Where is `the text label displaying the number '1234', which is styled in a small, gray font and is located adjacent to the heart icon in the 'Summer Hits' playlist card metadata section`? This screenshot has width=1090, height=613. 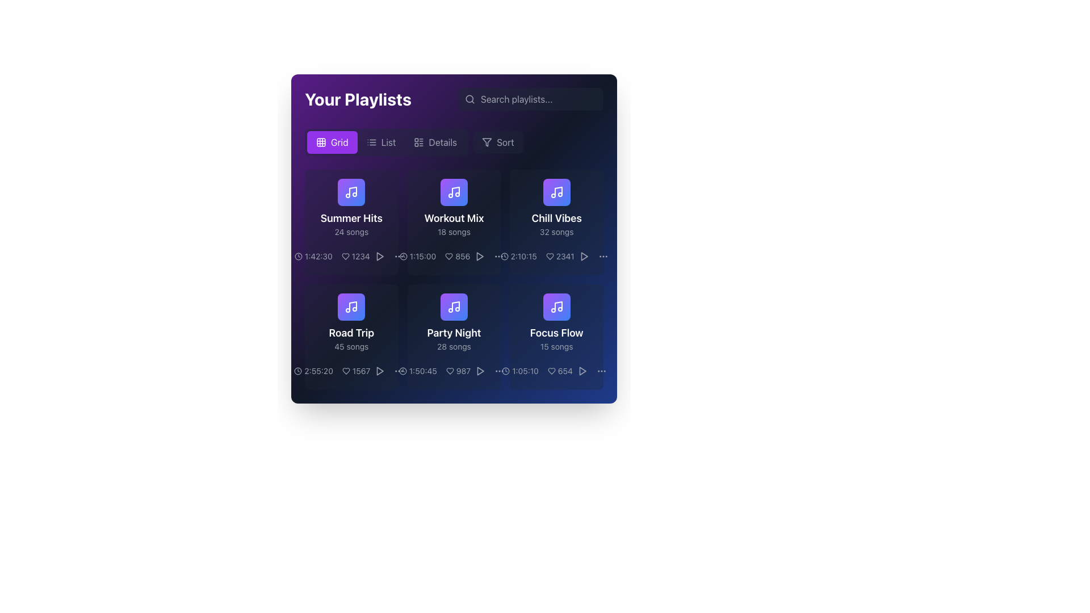
the text label displaying the number '1234', which is styled in a small, gray font and is located adjacent to the heart icon in the 'Summer Hits' playlist card metadata section is located at coordinates (355, 256).